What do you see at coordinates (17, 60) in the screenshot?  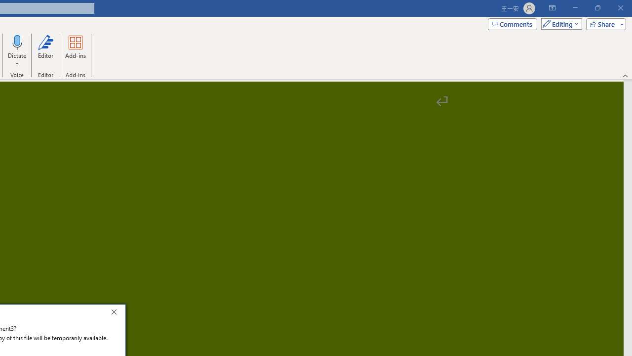 I see `'More Options'` at bounding box center [17, 60].